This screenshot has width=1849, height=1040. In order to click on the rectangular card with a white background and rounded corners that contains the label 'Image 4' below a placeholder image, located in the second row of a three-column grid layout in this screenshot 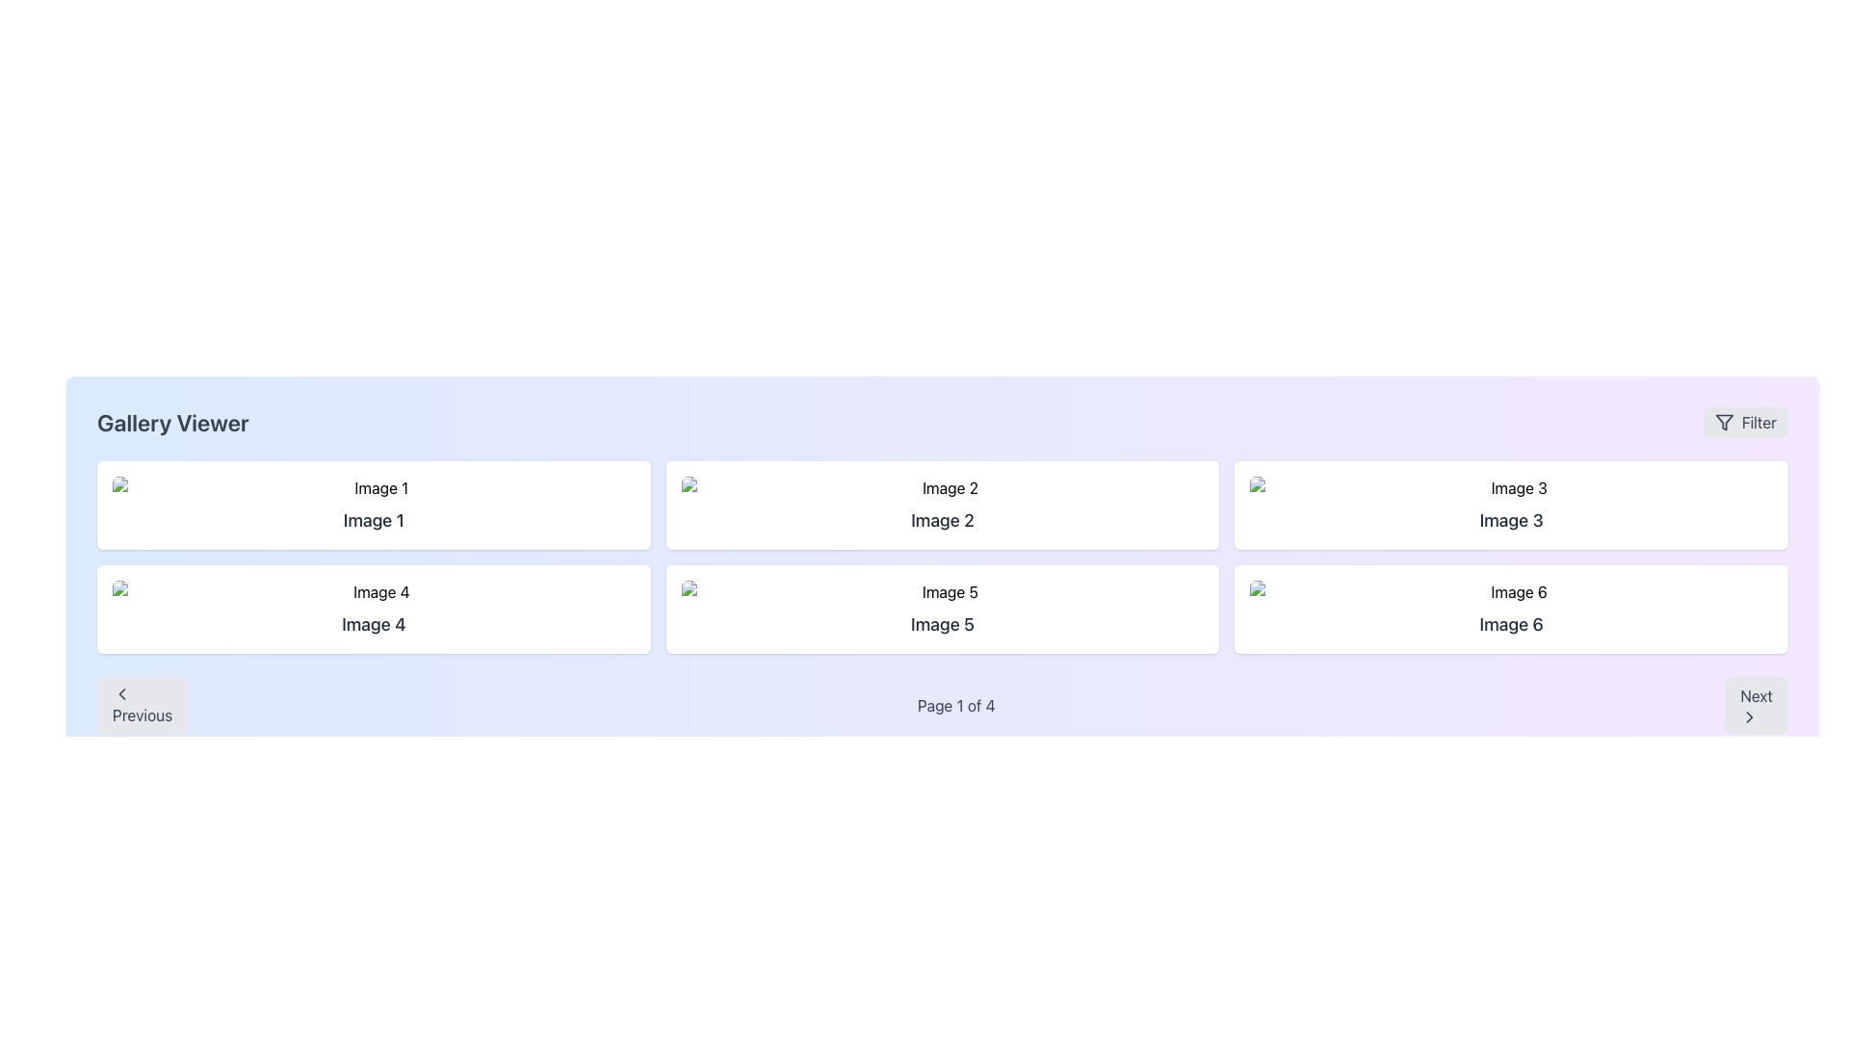, I will do `click(374, 609)`.